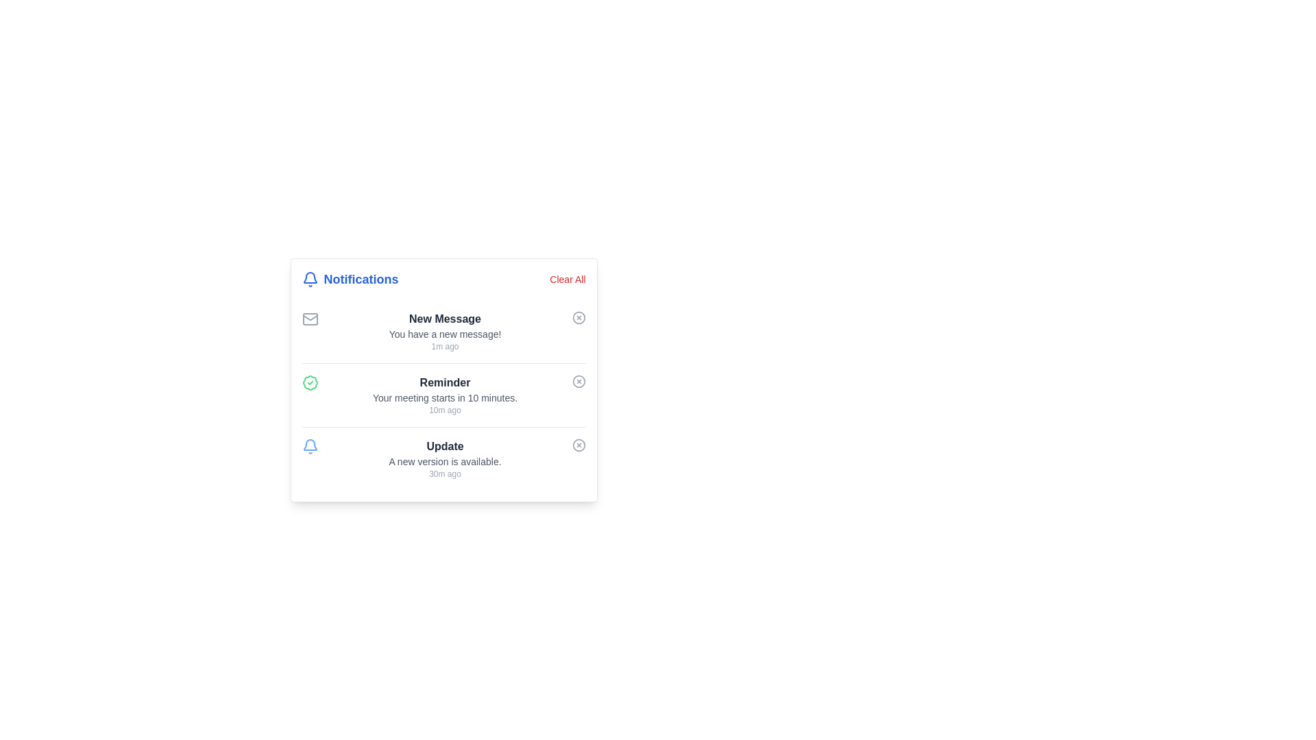 This screenshot has height=740, width=1316. I want to click on the bold text label 'New Message' which is prominently positioned at the top of a notification interface, so click(445, 319).